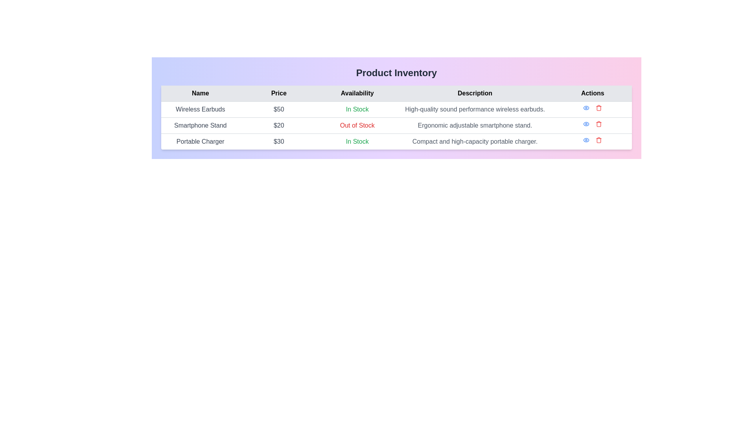 This screenshot has height=424, width=755. What do you see at coordinates (357, 141) in the screenshot?
I see `the 'In Stock' text label in green color that indicates product availability for the 'Portable Charger' in the 'Availability' column of the third row of the table` at bounding box center [357, 141].